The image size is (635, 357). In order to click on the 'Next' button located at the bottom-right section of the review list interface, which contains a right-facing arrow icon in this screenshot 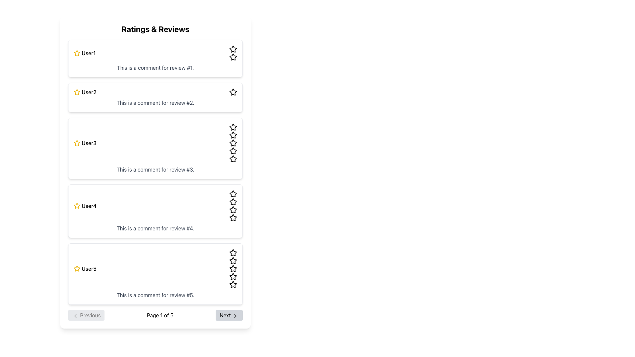, I will do `click(235, 315)`.